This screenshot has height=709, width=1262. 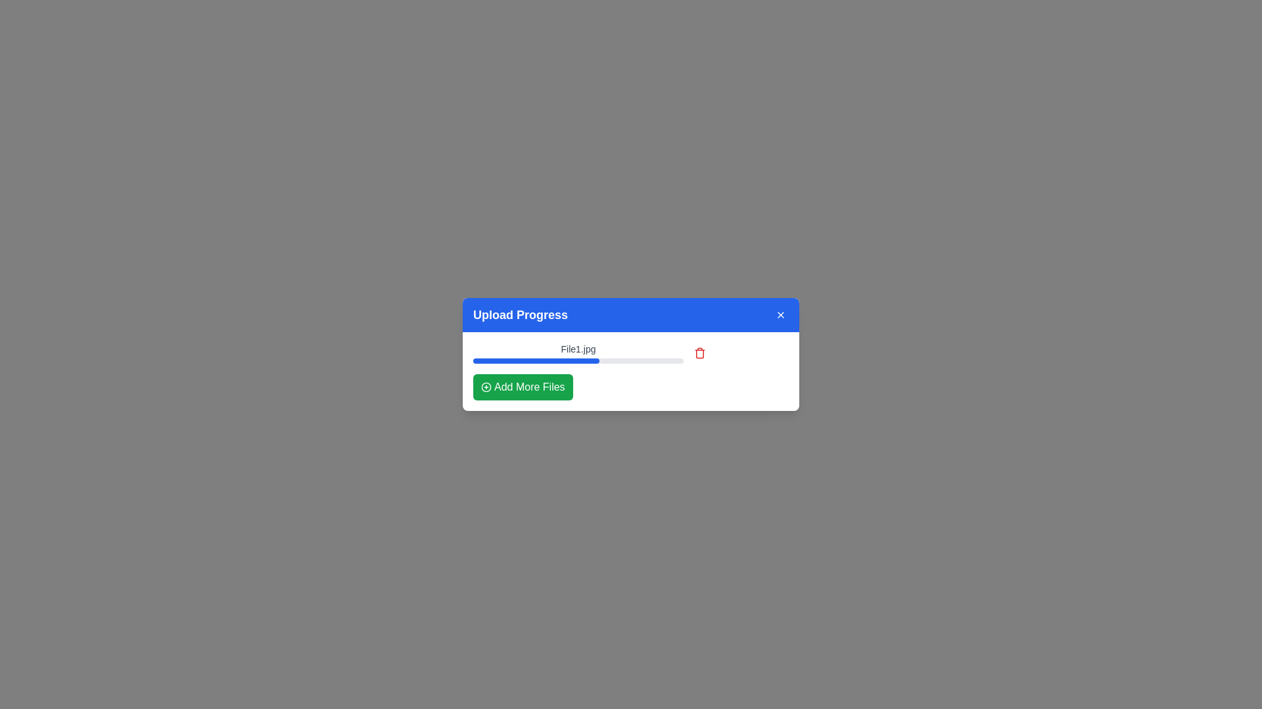 I want to click on the delete button located to the far right of the filename 'File1.jpg', so click(x=699, y=352).